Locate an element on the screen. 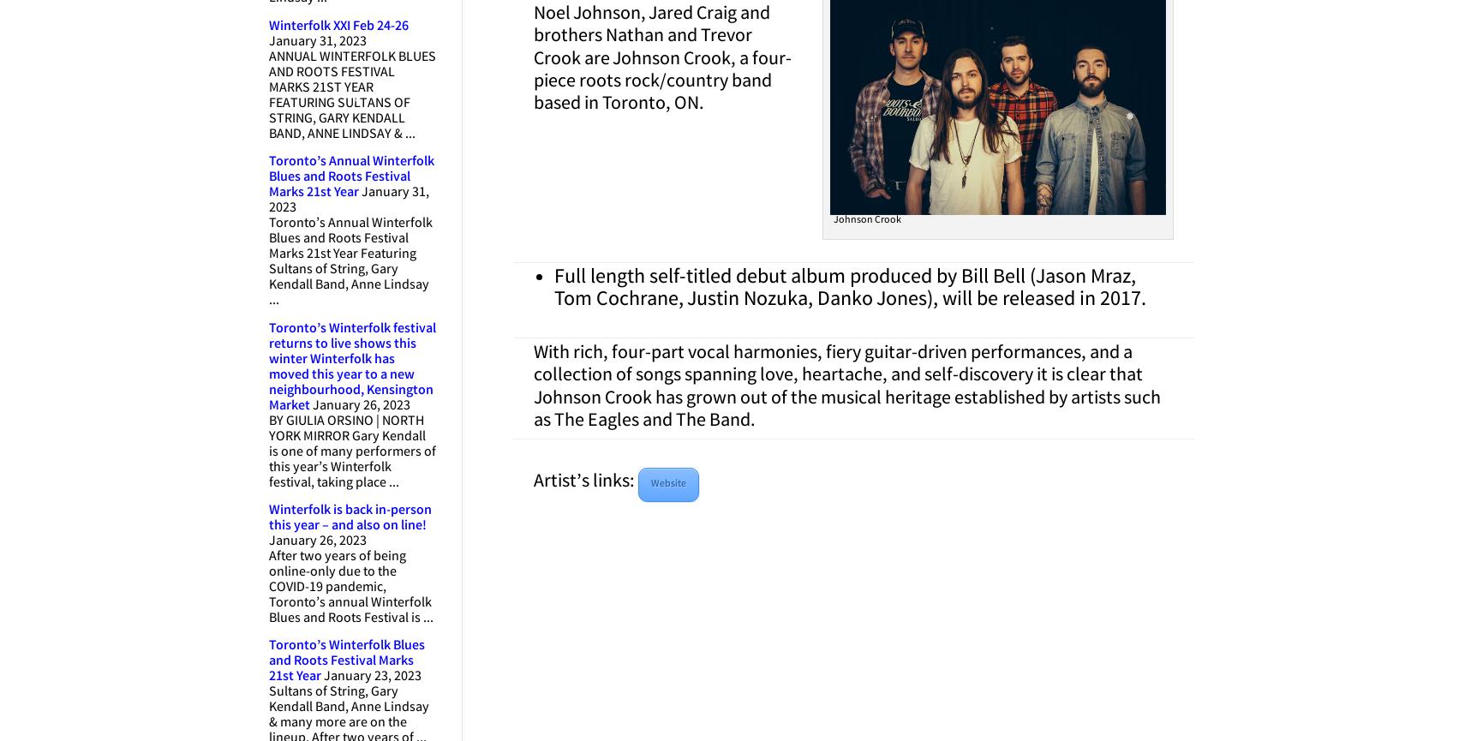  'Website' is located at coordinates (650, 482).